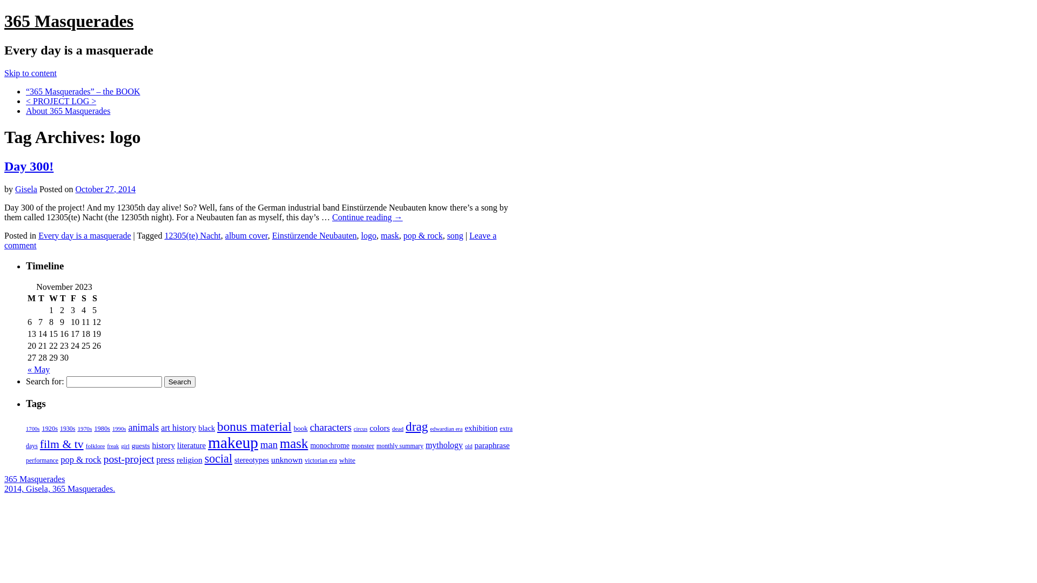 The height and width of the screenshot is (583, 1037). I want to click on 'colors', so click(379, 427).